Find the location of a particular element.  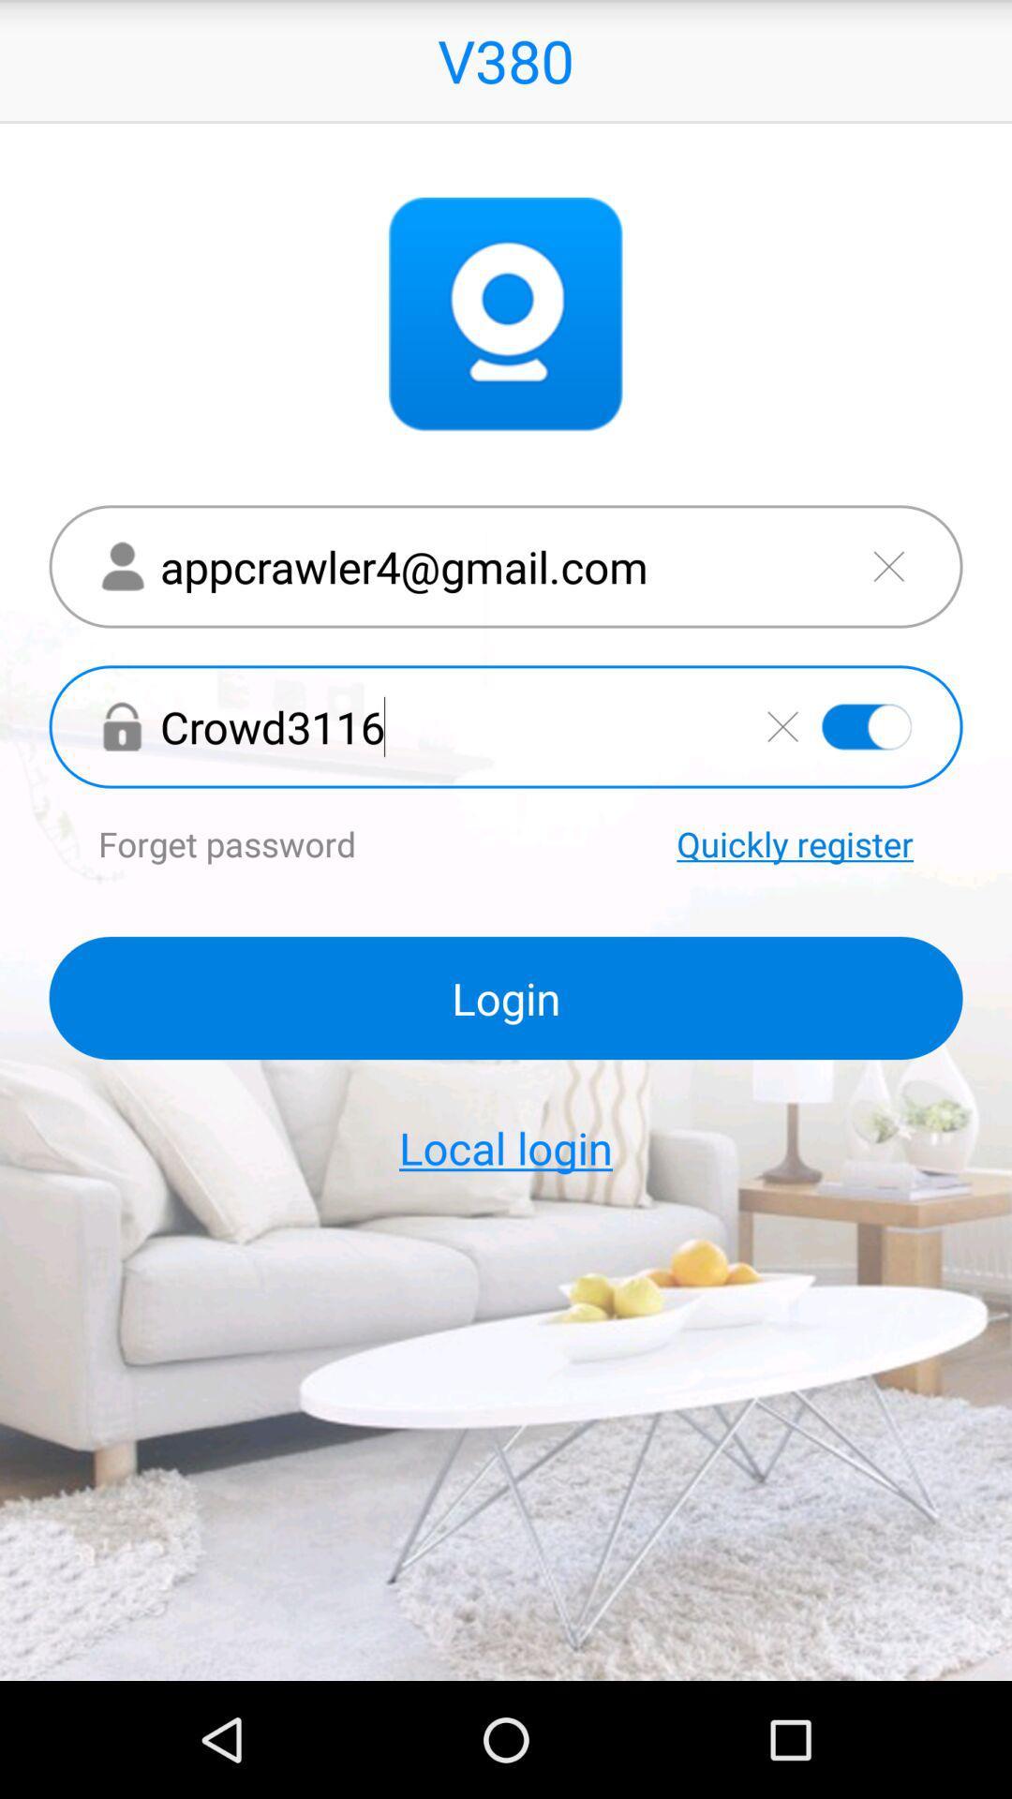

remove entry is located at coordinates (887, 565).